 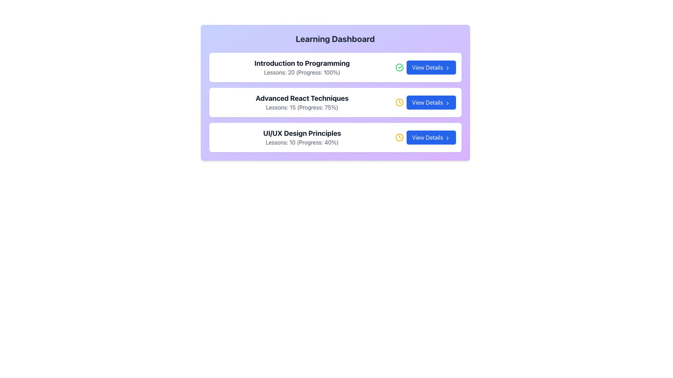 I want to click on the completion status icon located in the topmost item of the list under the 'Learning Dashboard' heading, to the left of the blue 'View Details' button, so click(x=399, y=67).